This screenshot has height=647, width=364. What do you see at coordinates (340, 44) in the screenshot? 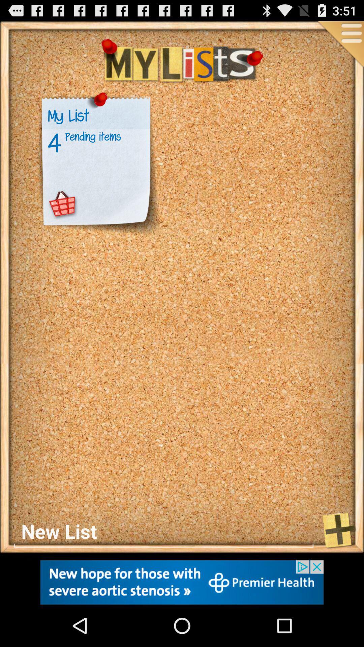
I see `more options` at bounding box center [340, 44].